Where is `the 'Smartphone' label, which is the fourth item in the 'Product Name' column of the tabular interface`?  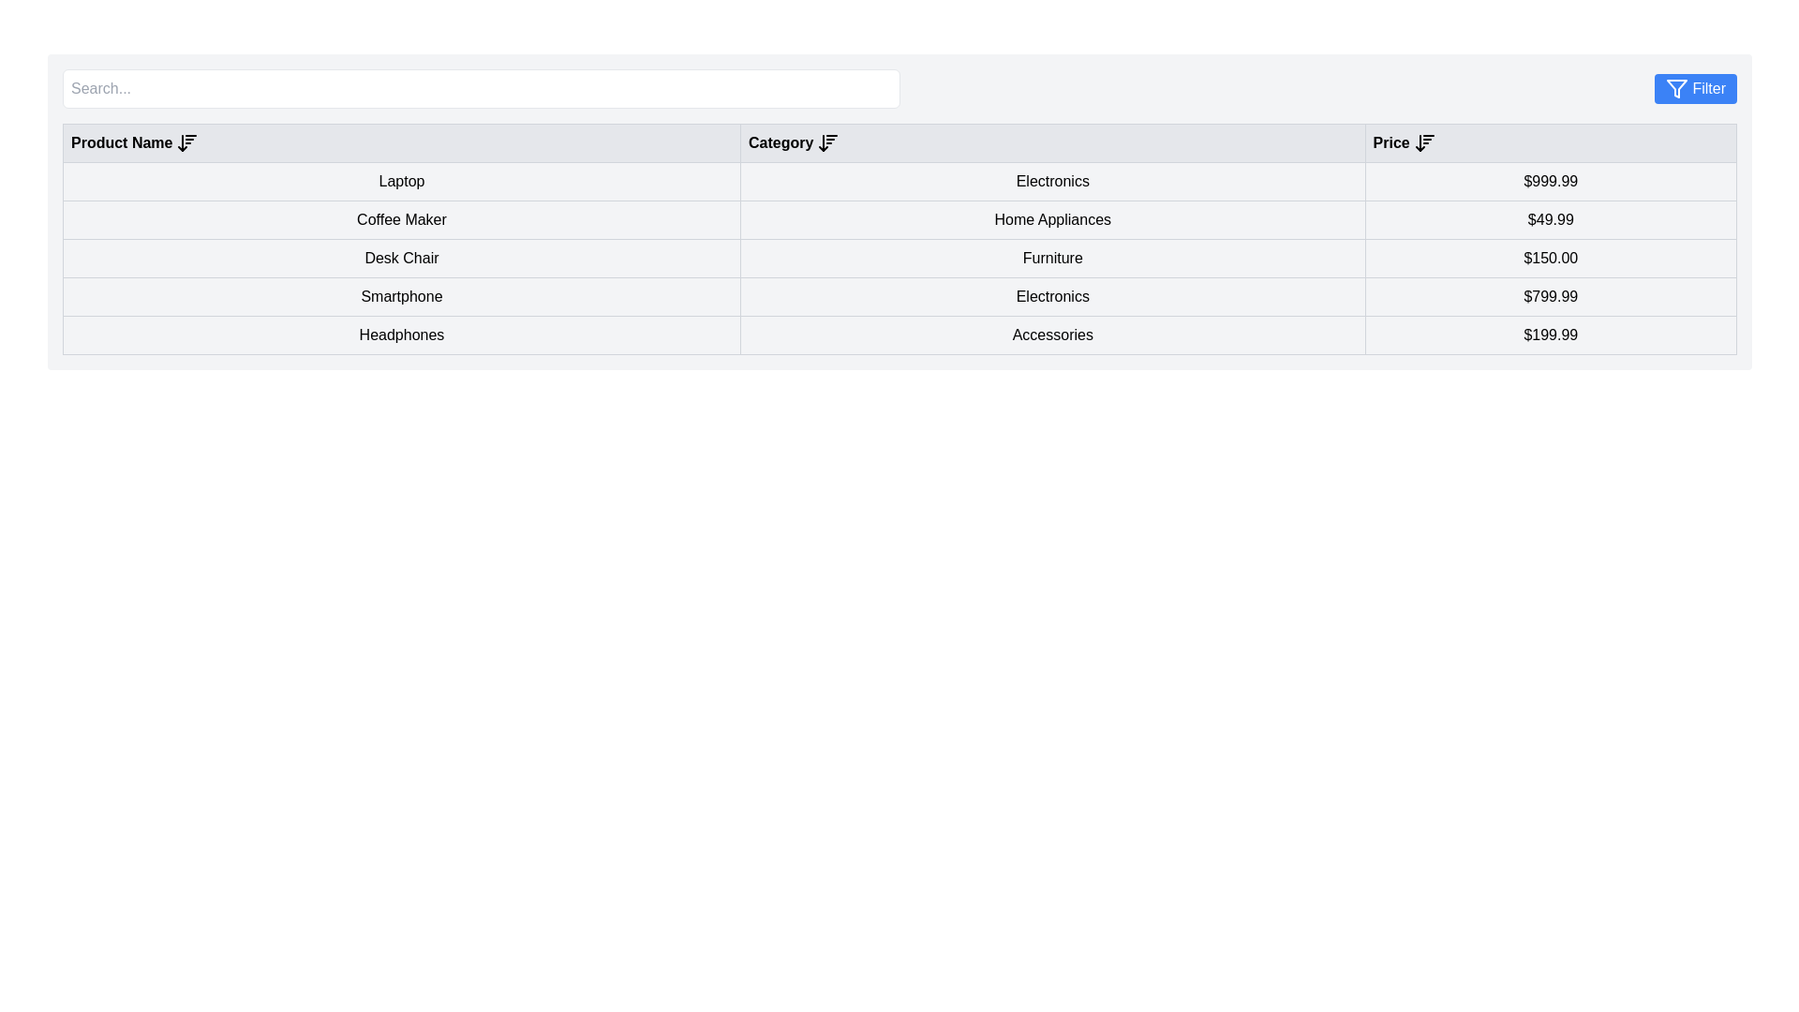 the 'Smartphone' label, which is the fourth item in the 'Product Name' column of the tabular interface is located at coordinates (400, 295).